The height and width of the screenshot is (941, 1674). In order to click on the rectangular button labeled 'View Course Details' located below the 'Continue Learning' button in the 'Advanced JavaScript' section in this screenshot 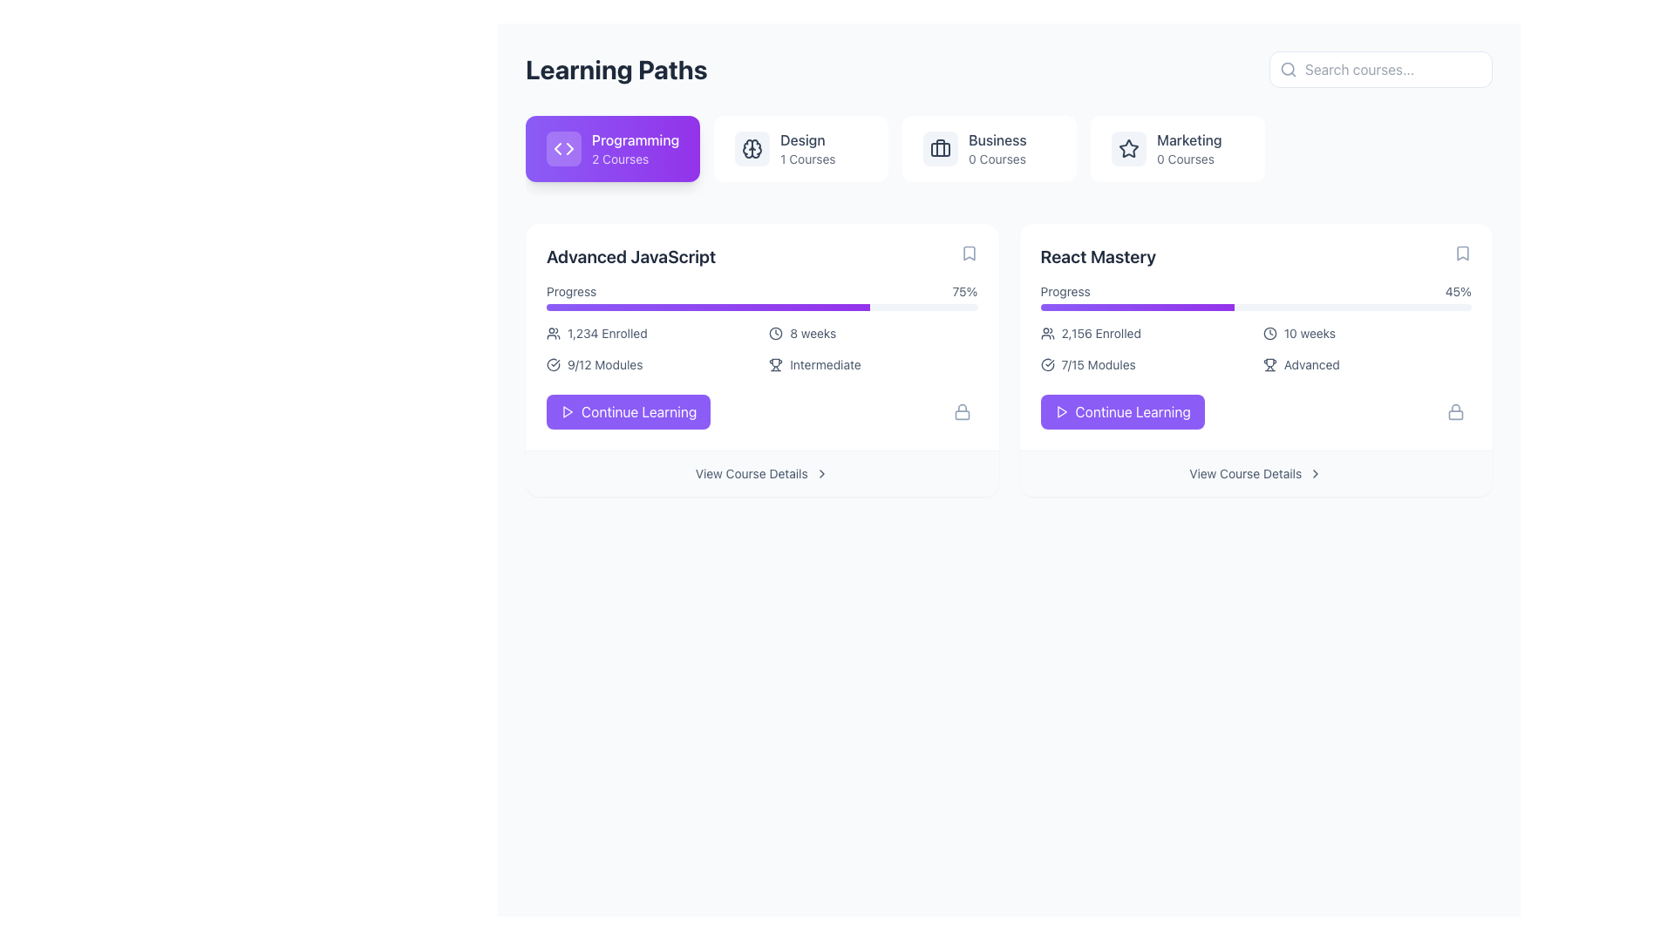, I will do `click(762, 473)`.